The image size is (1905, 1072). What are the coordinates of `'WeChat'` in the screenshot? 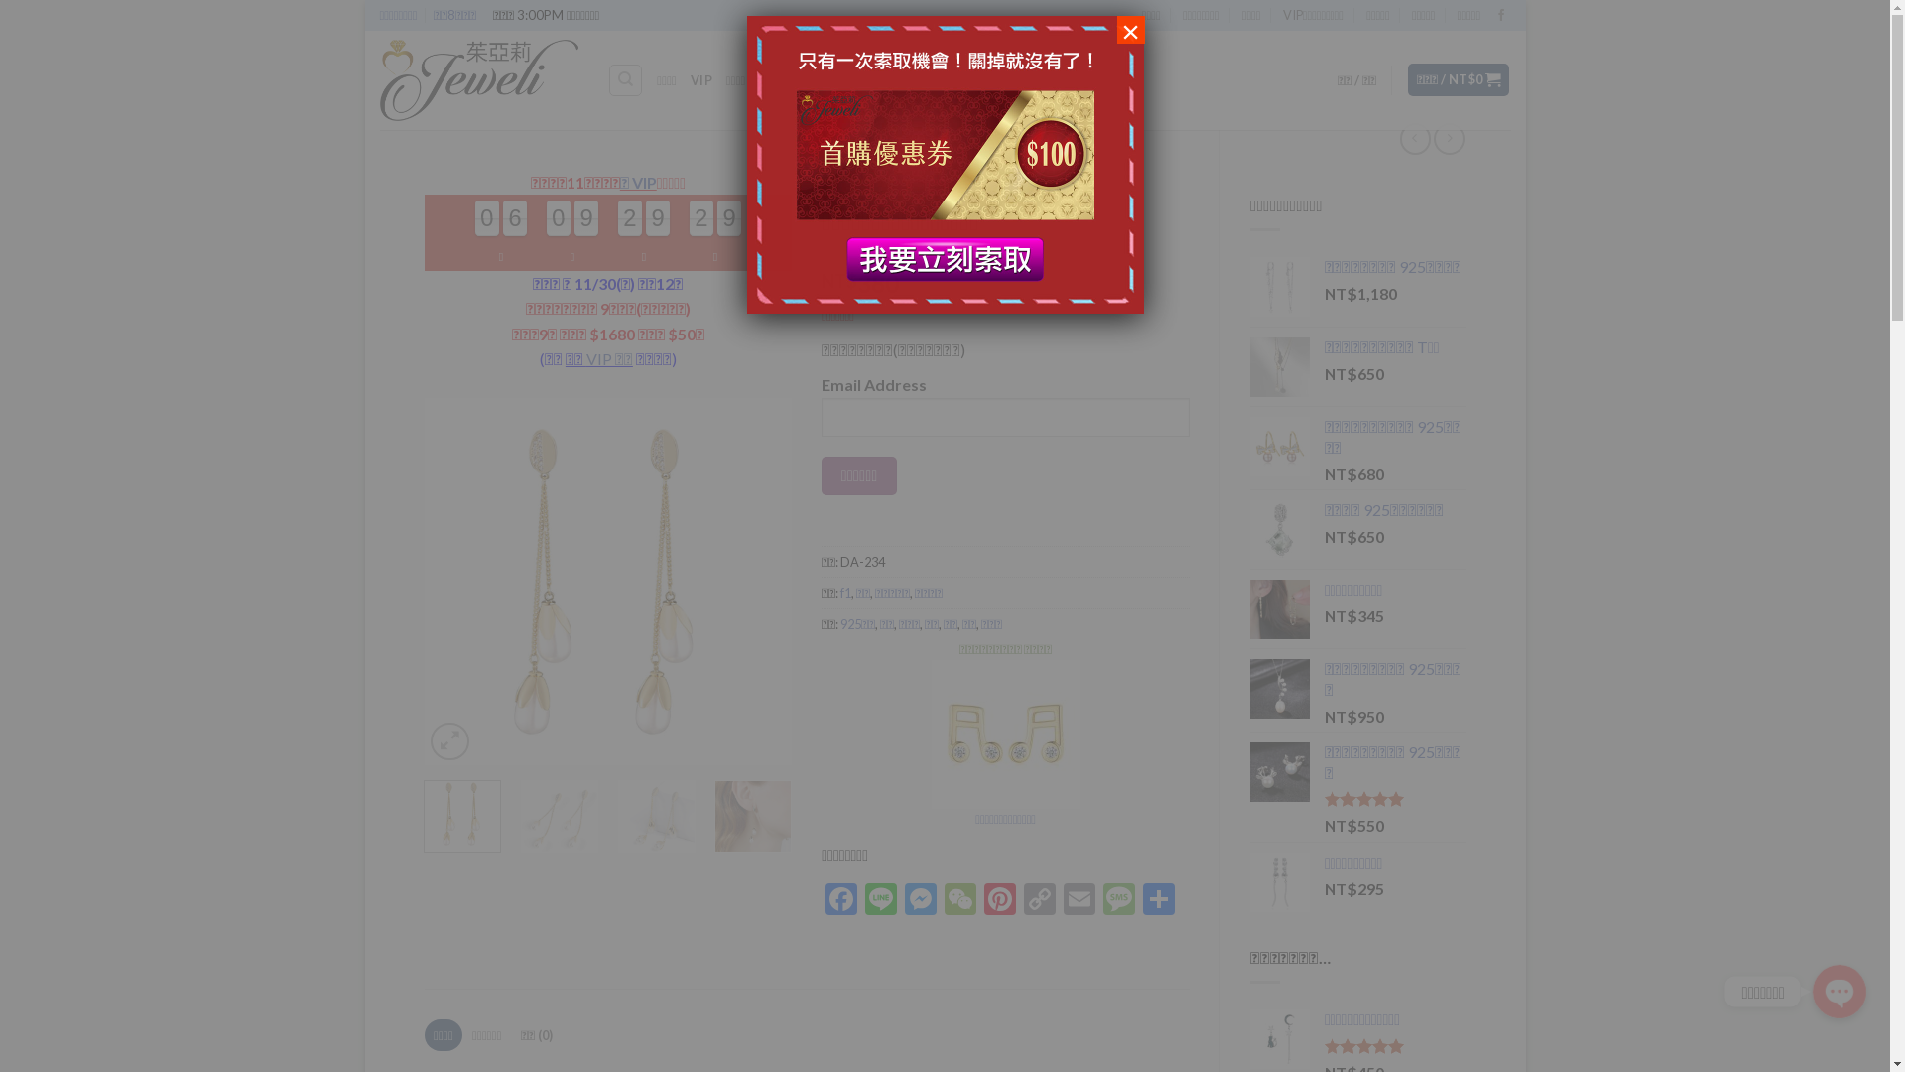 It's located at (960, 900).